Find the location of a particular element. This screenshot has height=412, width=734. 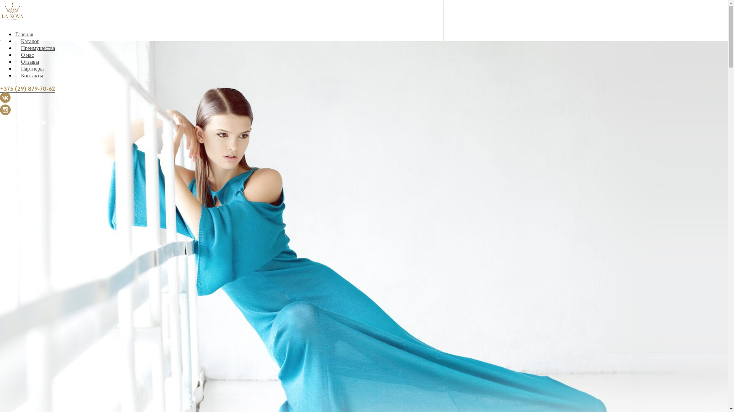

'+375 (29) 879-70-62' is located at coordinates (28, 88).